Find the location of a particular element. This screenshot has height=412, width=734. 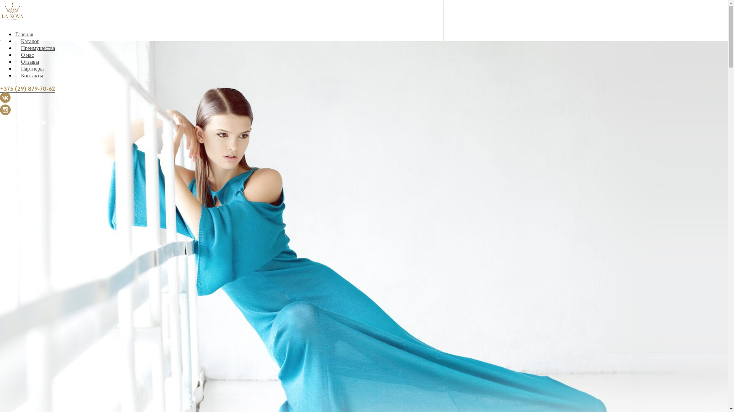

'+375 (29) 879-70-62' is located at coordinates (28, 88).